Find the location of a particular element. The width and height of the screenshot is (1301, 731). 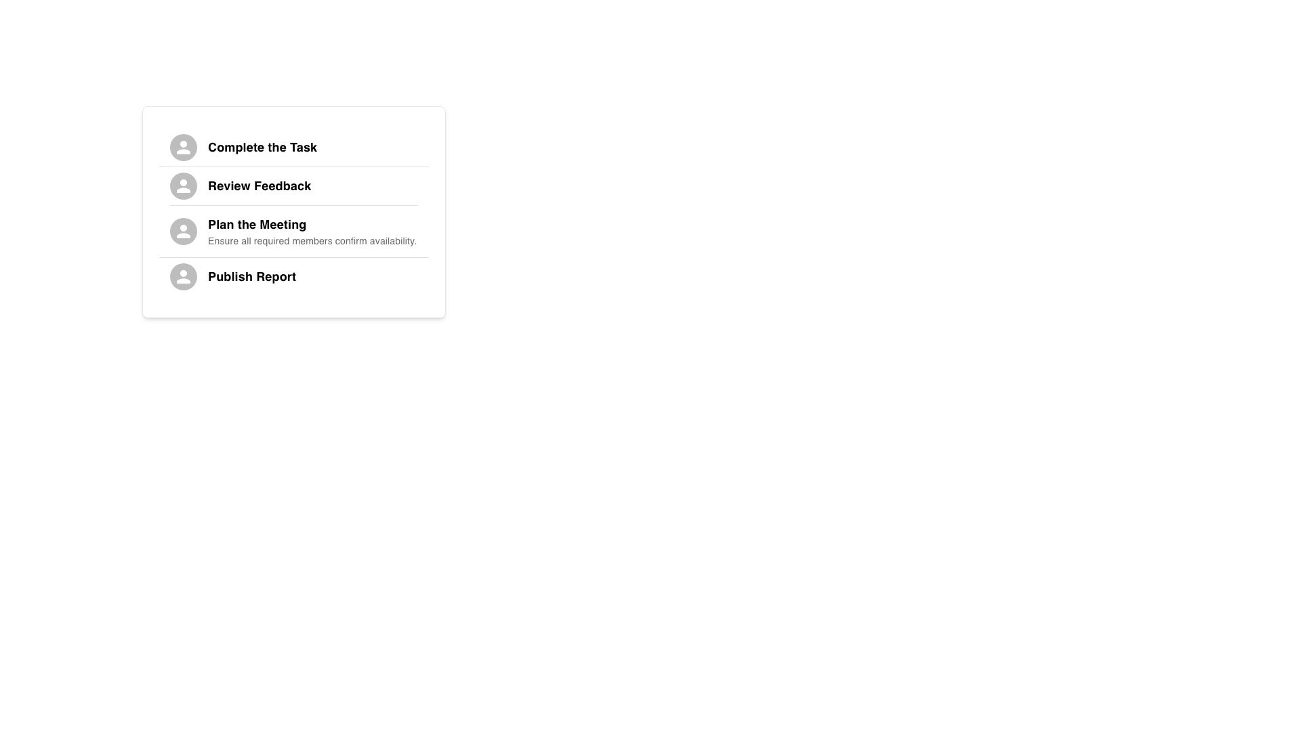

the Circular avatar icon representing the 'Publish Report' item located at the bottom of the vertical list is located at coordinates (182, 275).